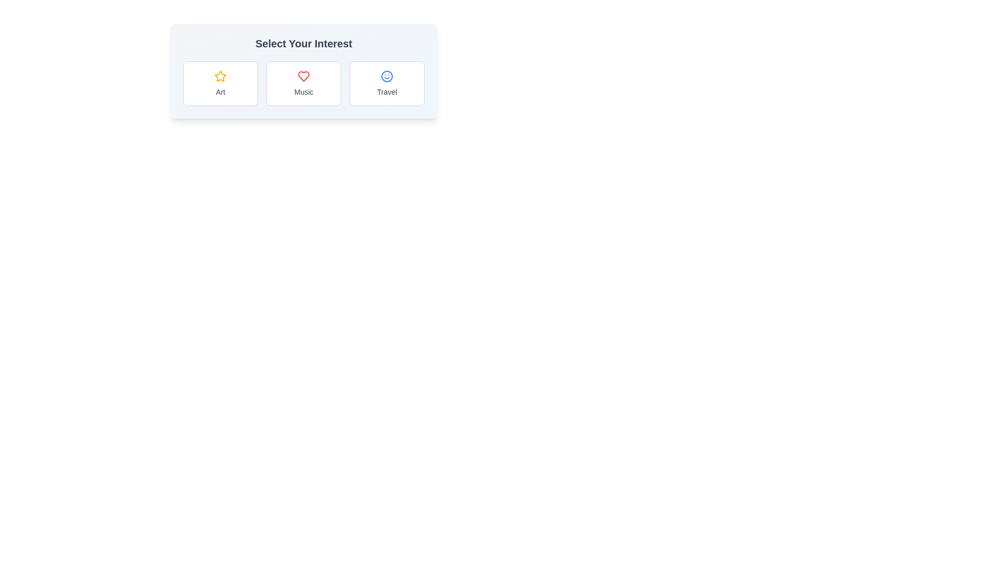 The image size is (999, 562). Describe the element at coordinates (303, 75) in the screenshot. I see `the 'Music' category icon` at that location.